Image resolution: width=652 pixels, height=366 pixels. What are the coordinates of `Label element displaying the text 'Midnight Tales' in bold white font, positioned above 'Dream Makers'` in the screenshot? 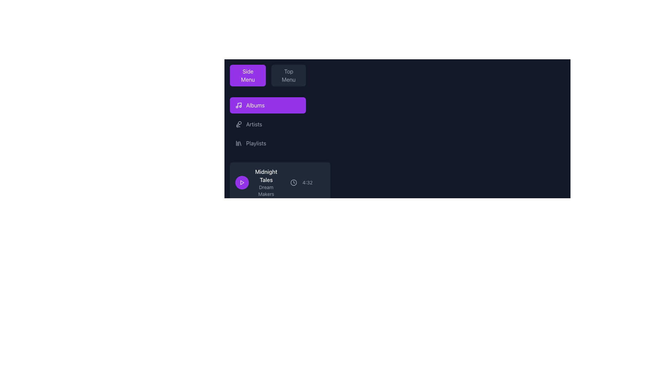 It's located at (266, 176).